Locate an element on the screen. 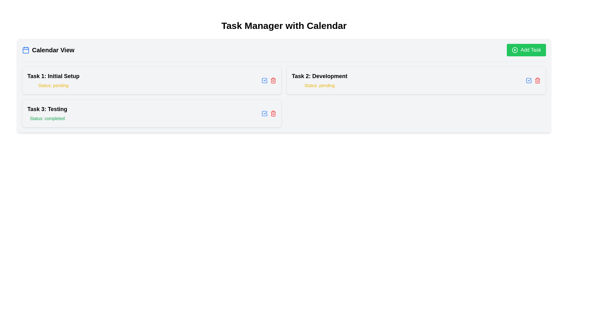 This screenshot has height=336, width=597. text label displaying 'Task 3: Testing', which is styled in bold and larger font, located at the top of the task details card is located at coordinates (47, 109).